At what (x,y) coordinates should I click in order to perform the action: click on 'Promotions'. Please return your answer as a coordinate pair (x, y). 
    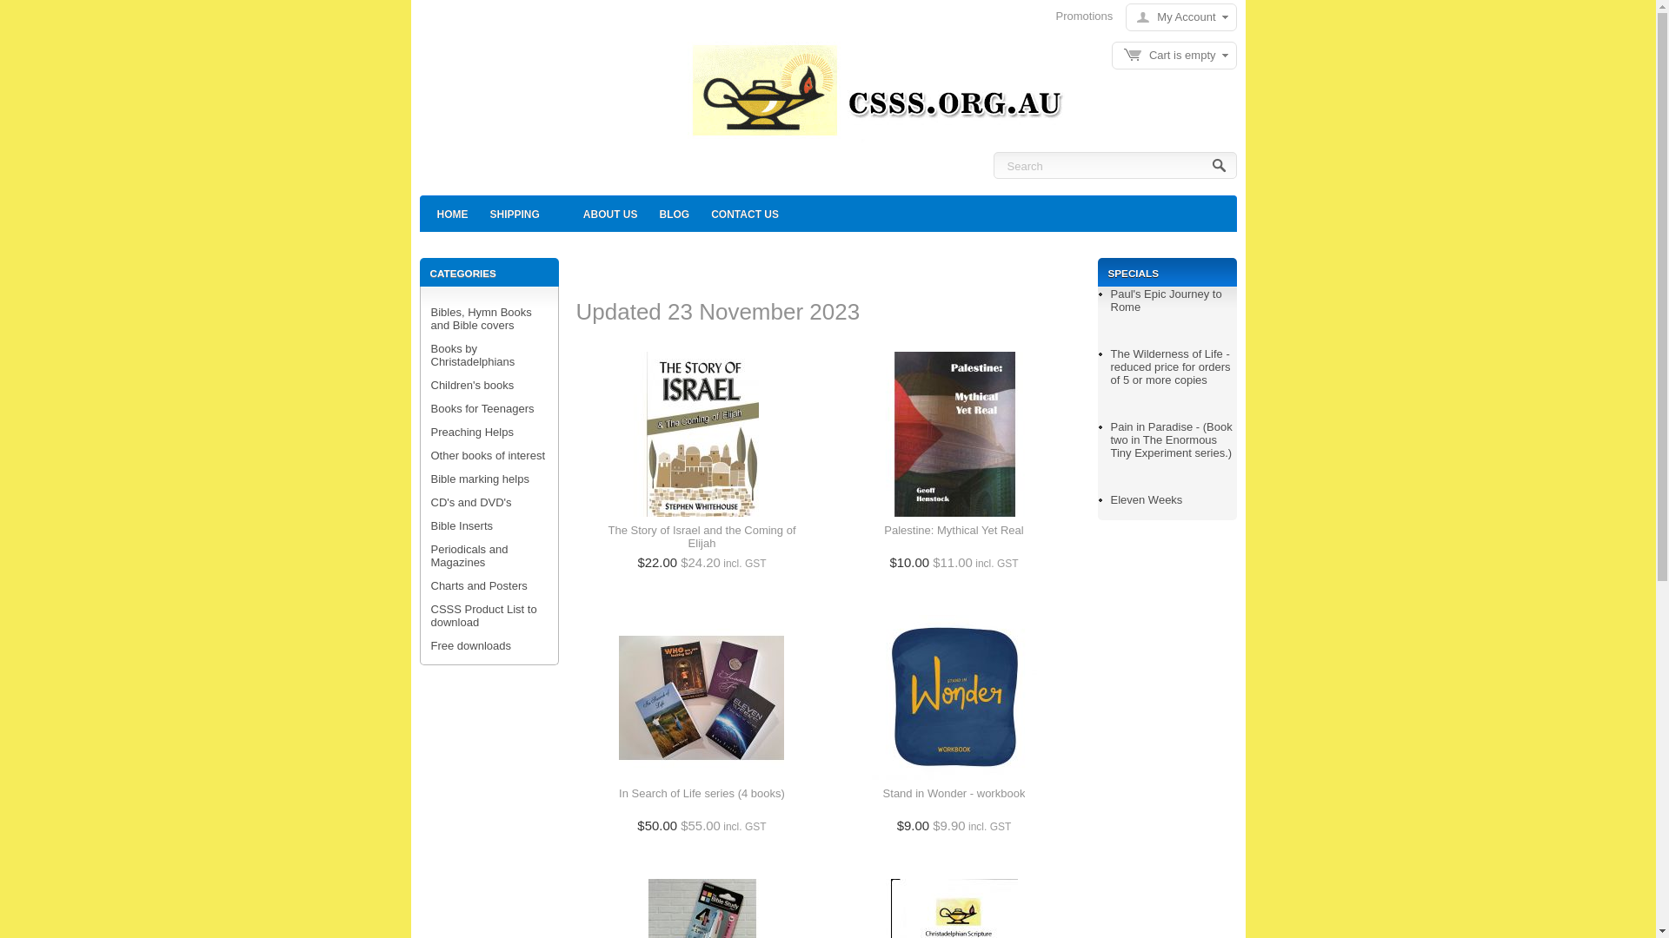
    Looking at the image, I should click on (1054, 16).